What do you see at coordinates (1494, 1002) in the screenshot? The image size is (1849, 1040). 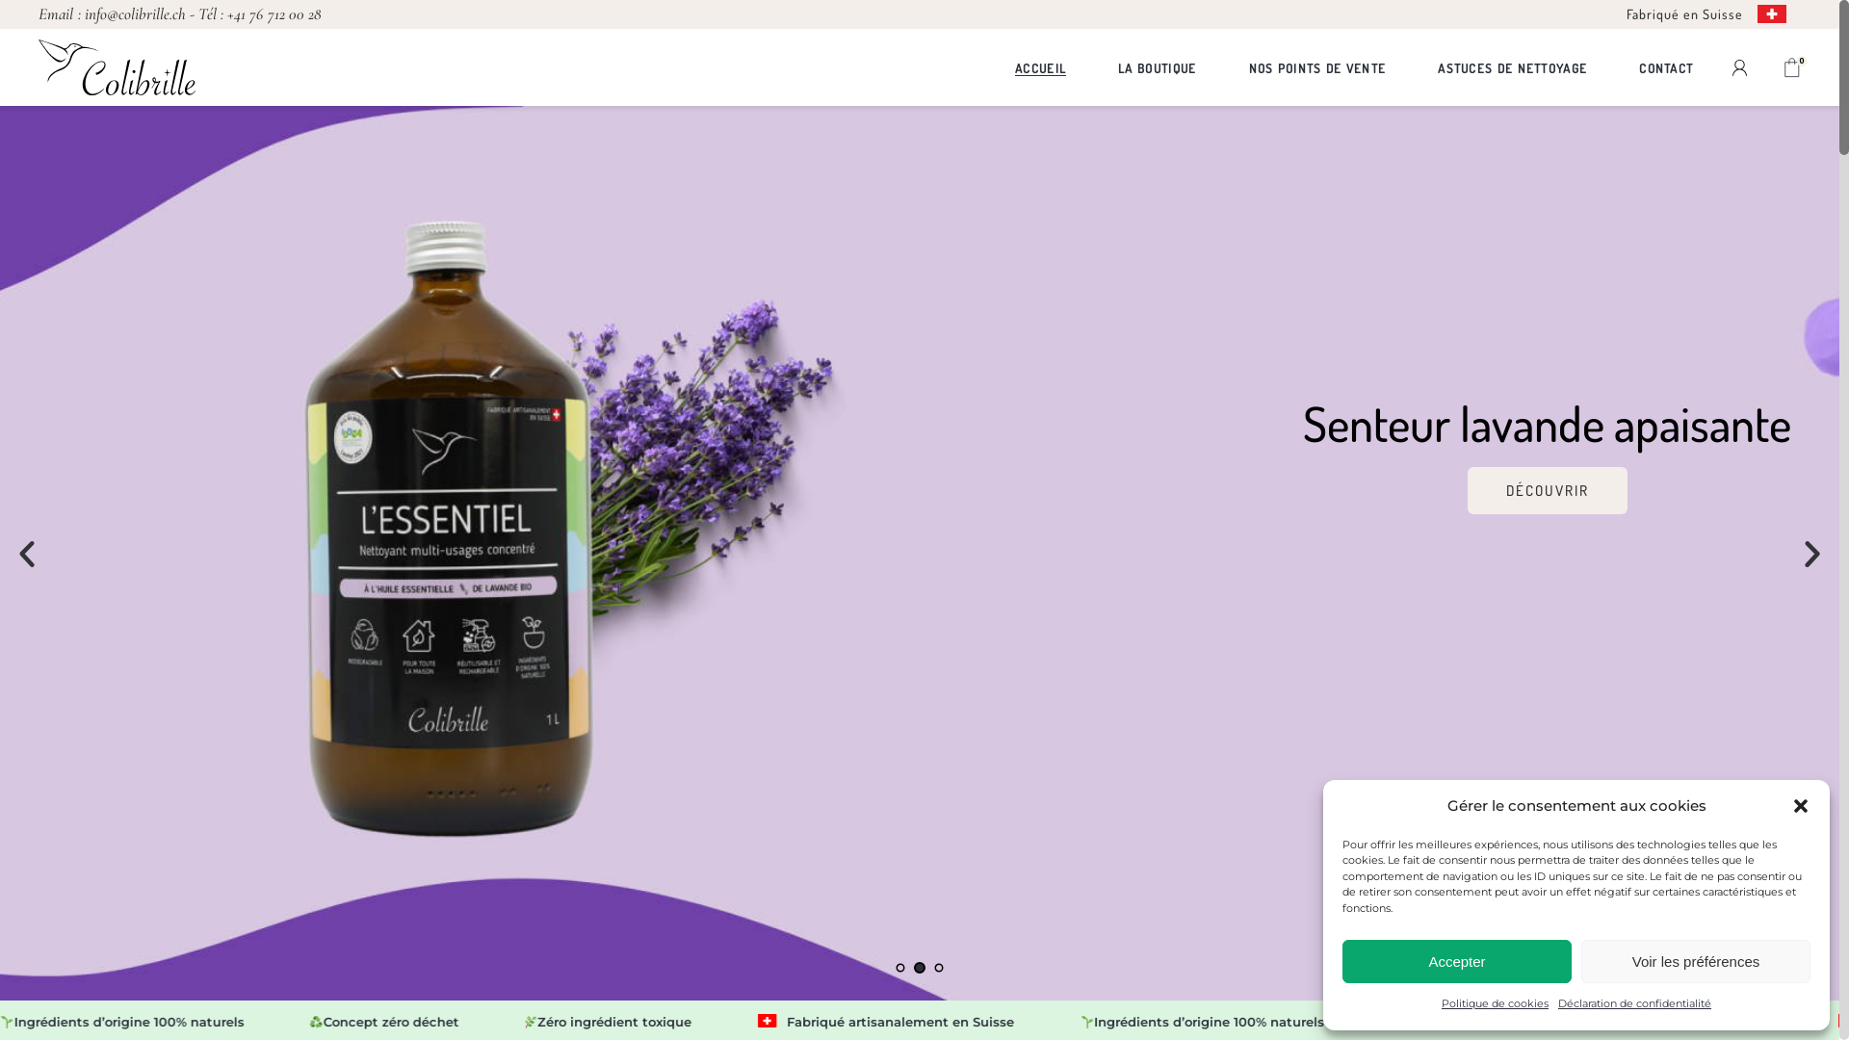 I see `'Politique de cookies'` at bounding box center [1494, 1002].